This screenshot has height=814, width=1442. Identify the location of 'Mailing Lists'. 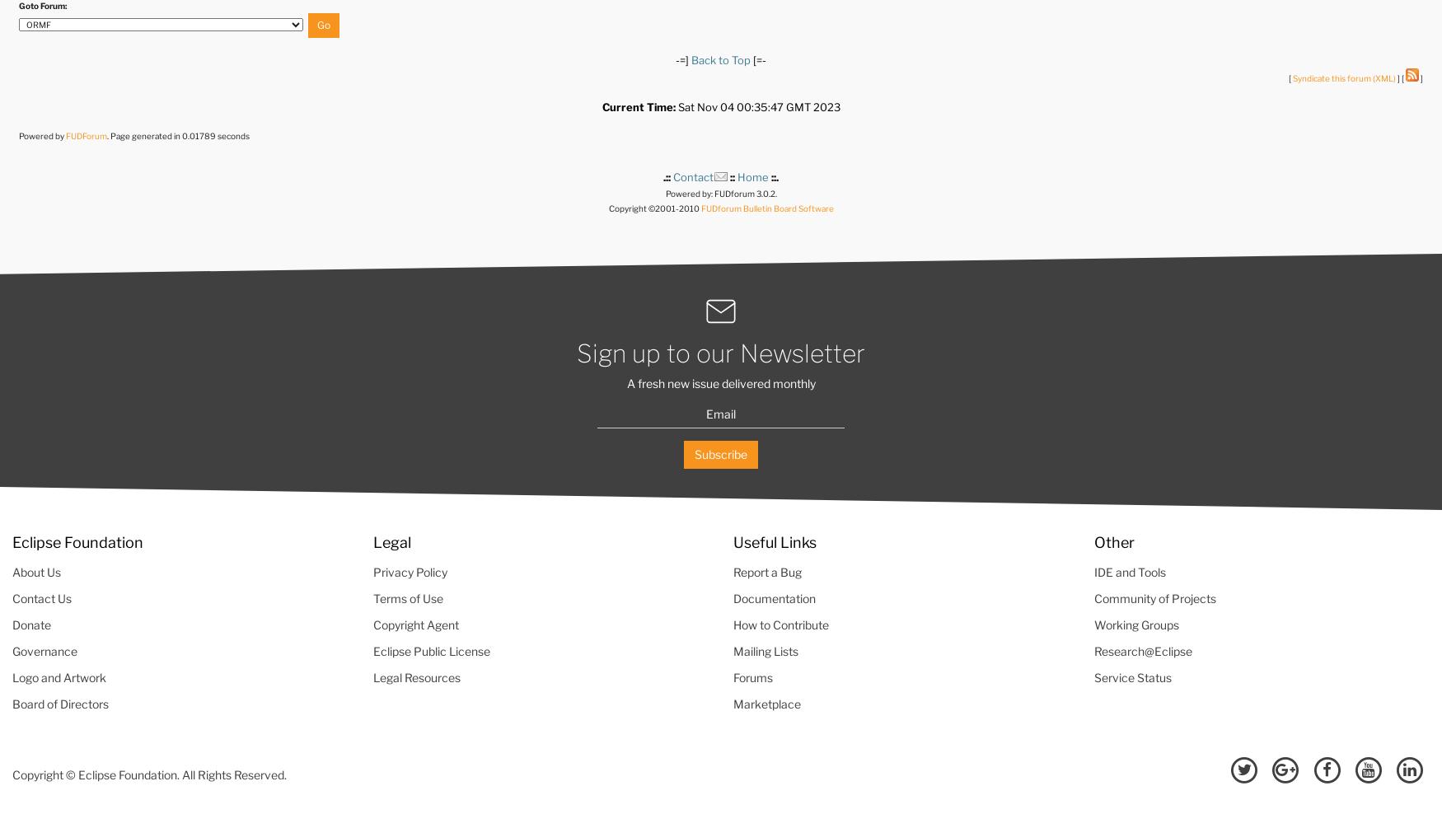
(765, 649).